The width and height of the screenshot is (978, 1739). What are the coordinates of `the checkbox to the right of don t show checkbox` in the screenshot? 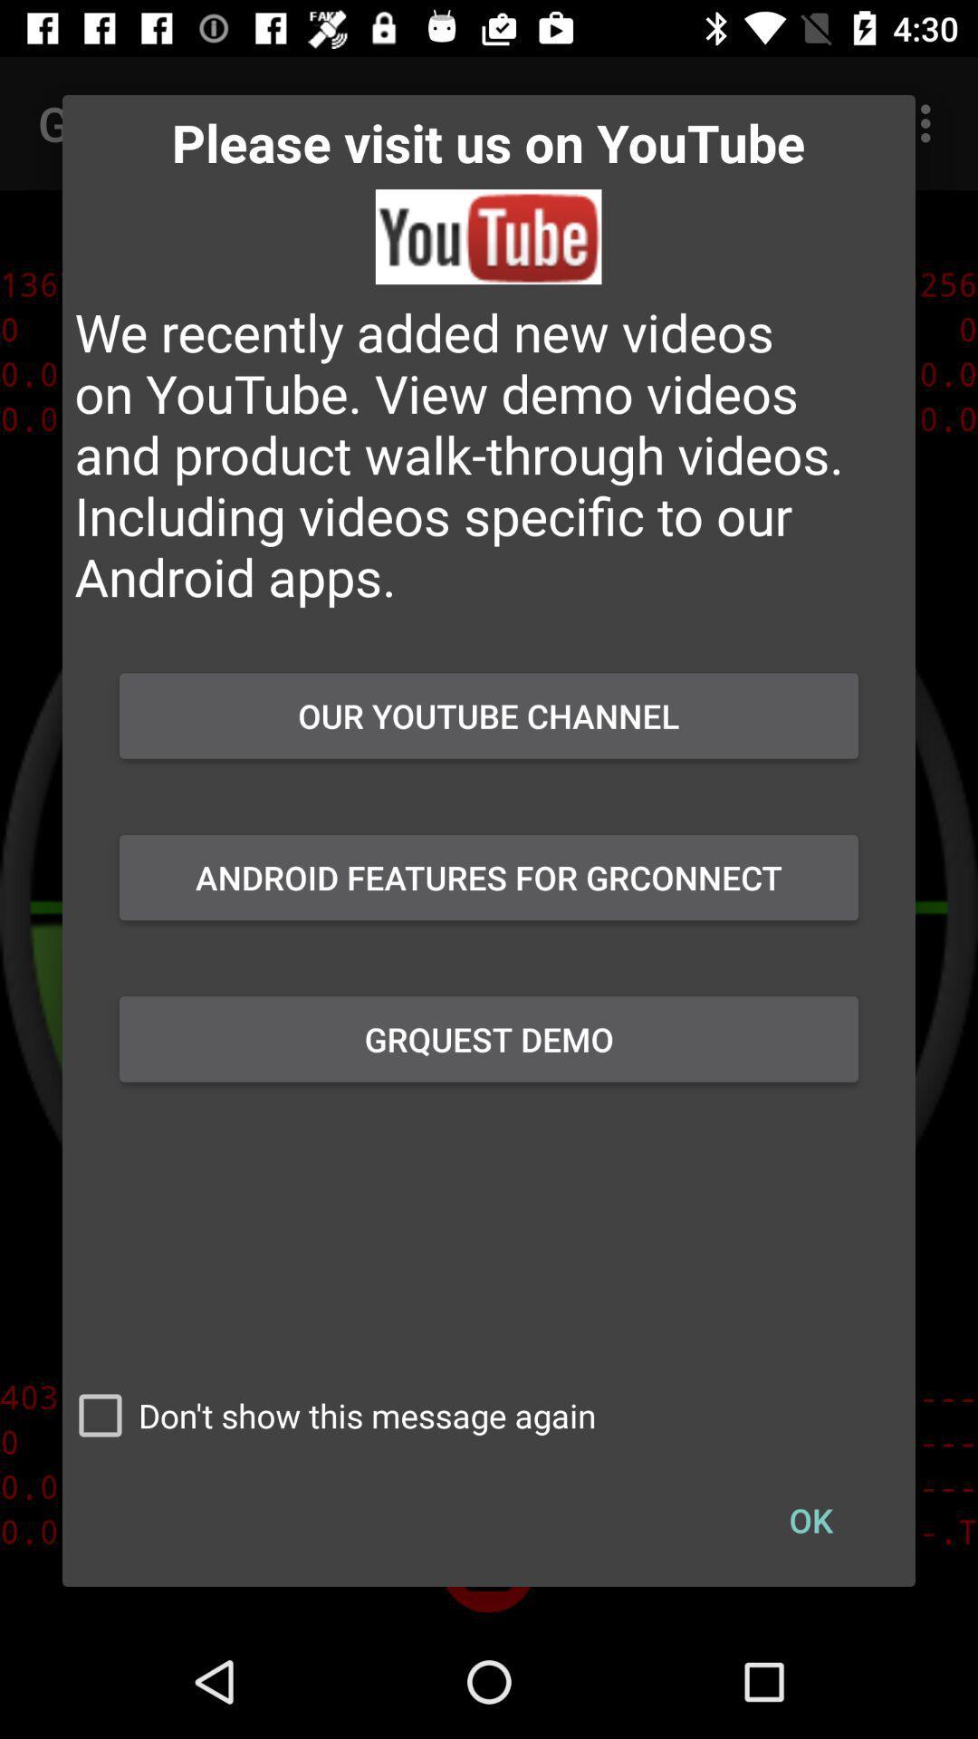 It's located at (810, 1520).